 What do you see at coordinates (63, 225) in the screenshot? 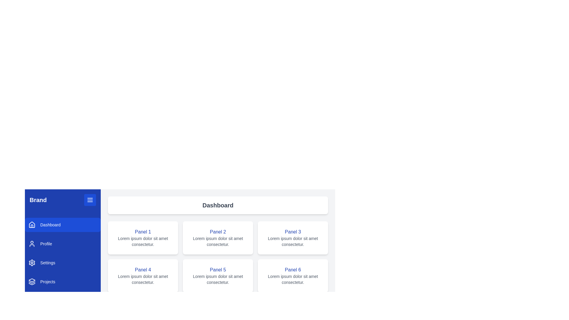
I see `the navigation button located at the top of the vertical menu on the left side` at bounding box center [63, 225].